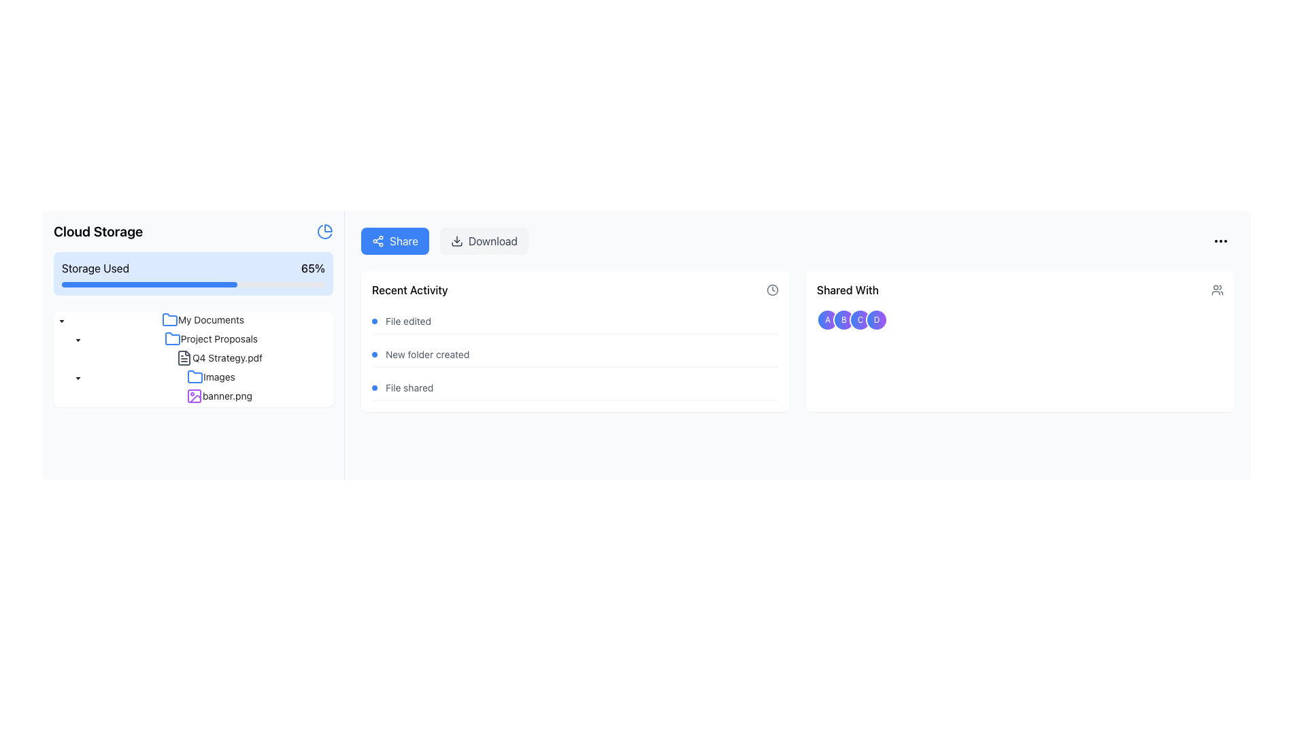 Image resolution: width=1306 pixels, height=734 pixels. Describe the element at coordinates (227, 396) in the screenshot. I see `the 'banner.png' file name label` at that location.